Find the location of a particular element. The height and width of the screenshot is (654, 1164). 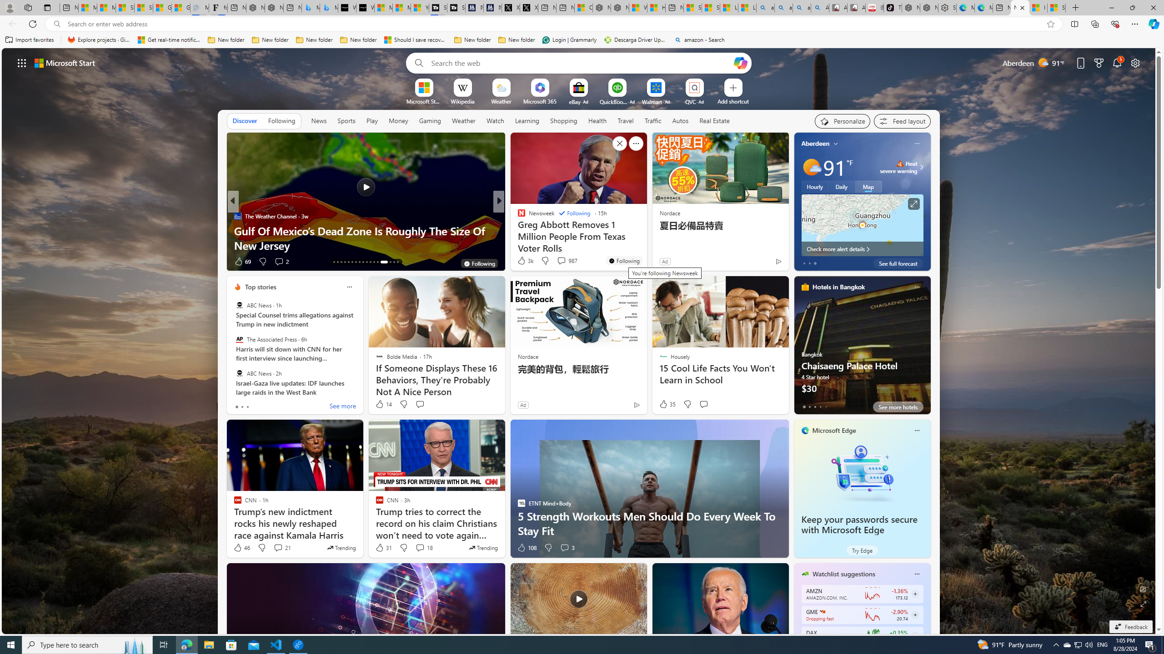

'Notifications' is located at coordinates (1117, 62).